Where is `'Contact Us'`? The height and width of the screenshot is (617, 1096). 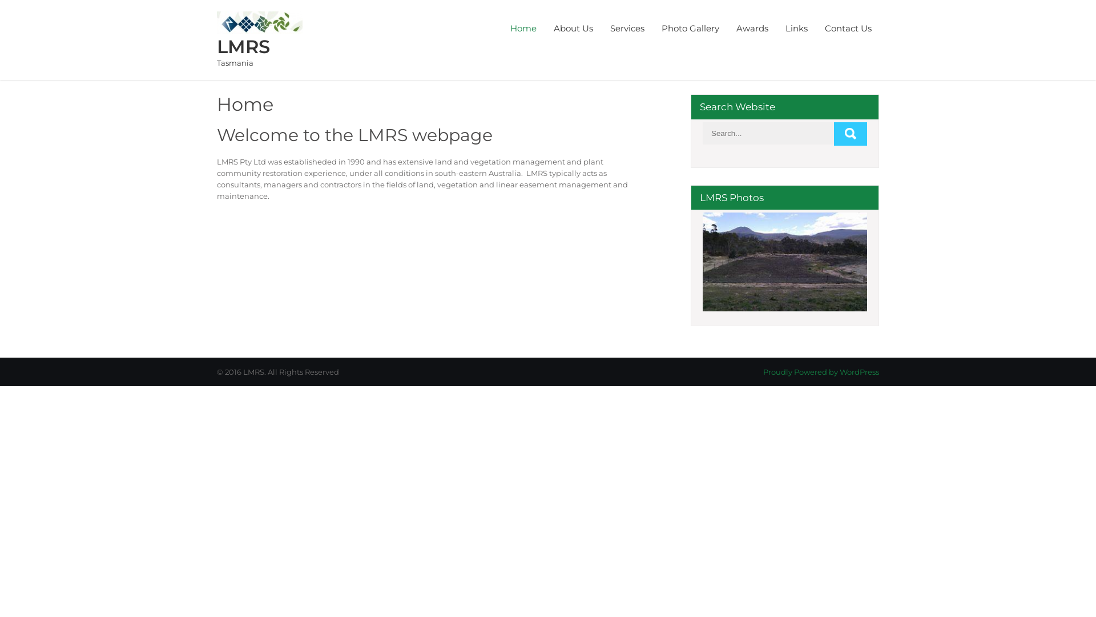
'Contact Us' is located at coordinates (848, 28).